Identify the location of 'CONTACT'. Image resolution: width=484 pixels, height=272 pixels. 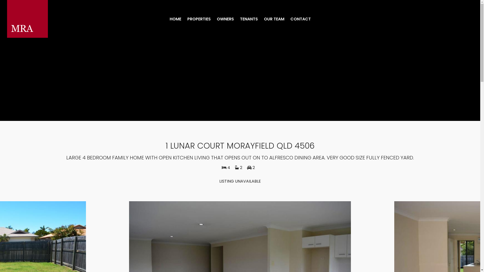
(300, 19).